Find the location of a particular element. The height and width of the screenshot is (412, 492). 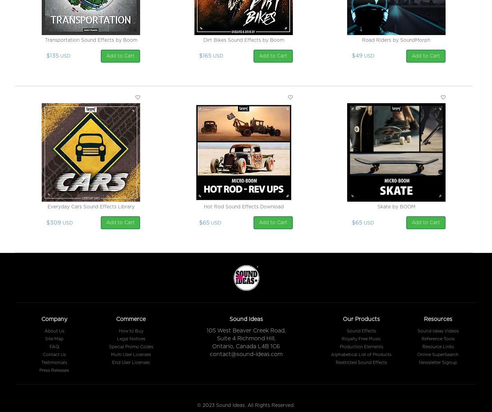

'$49' is located at coordinates (357, 56).